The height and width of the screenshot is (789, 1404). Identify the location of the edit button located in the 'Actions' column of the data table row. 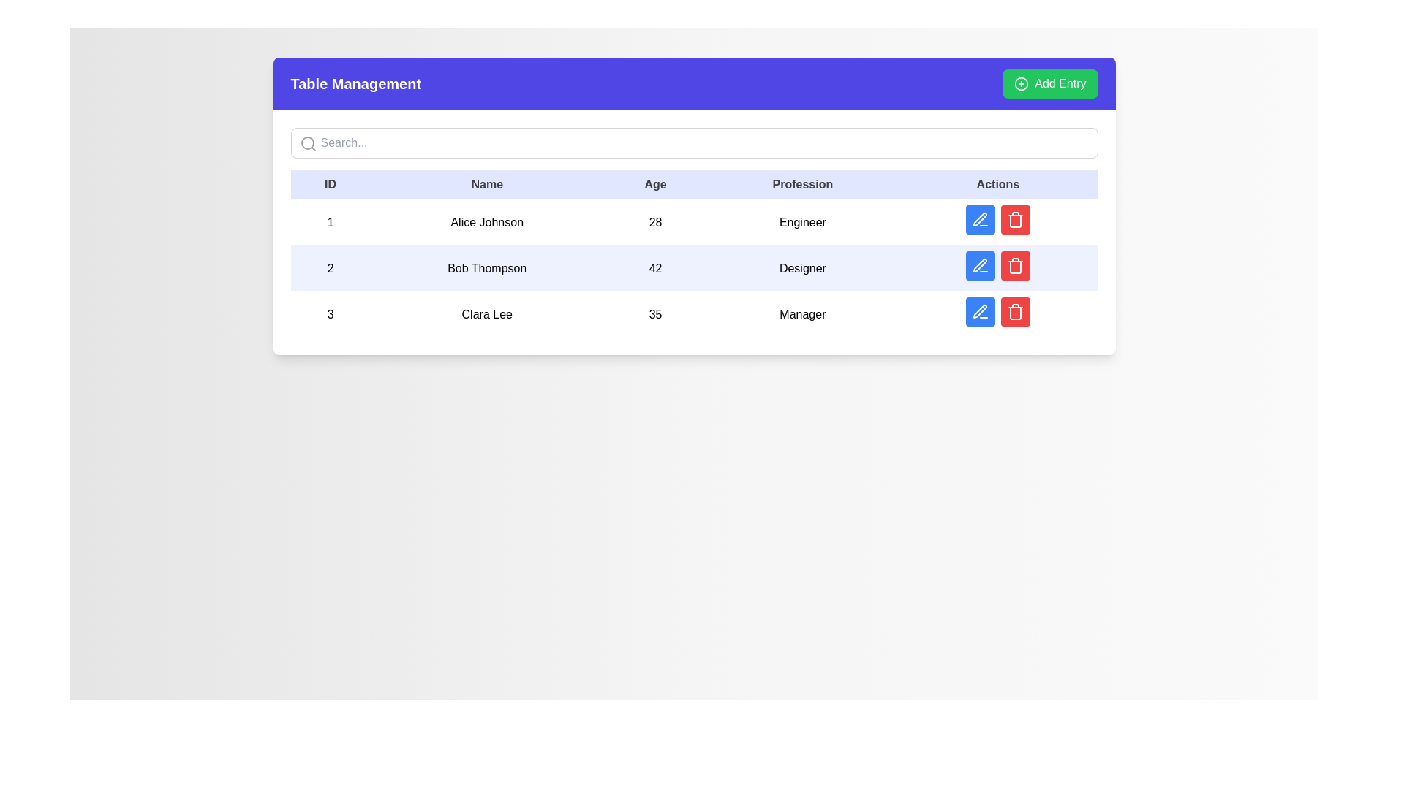
(980, 219).